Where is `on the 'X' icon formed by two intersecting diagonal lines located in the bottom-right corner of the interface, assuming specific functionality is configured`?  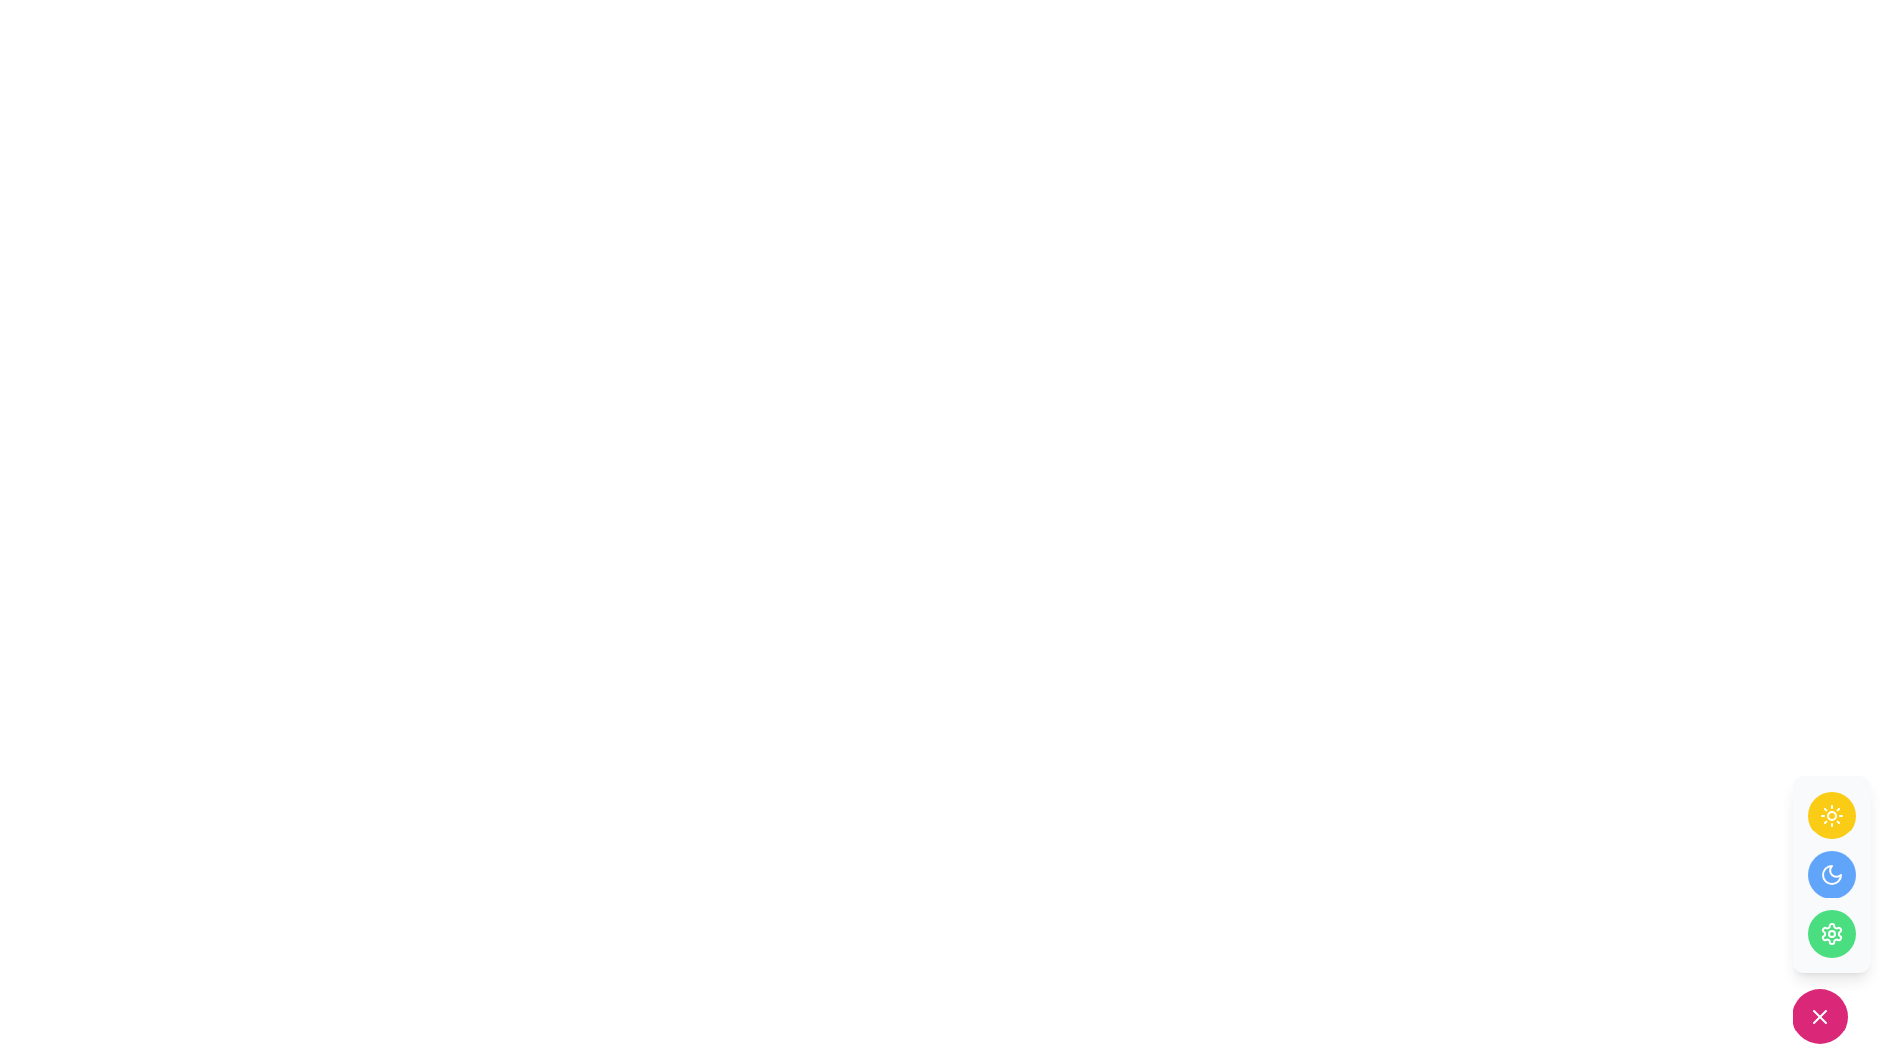 on the 'X' icon formed by two intersecting diagonal lines located in the bottom-right corner of the interface, assuming specific functionality is configured is located at coordinates (1819, 1017).